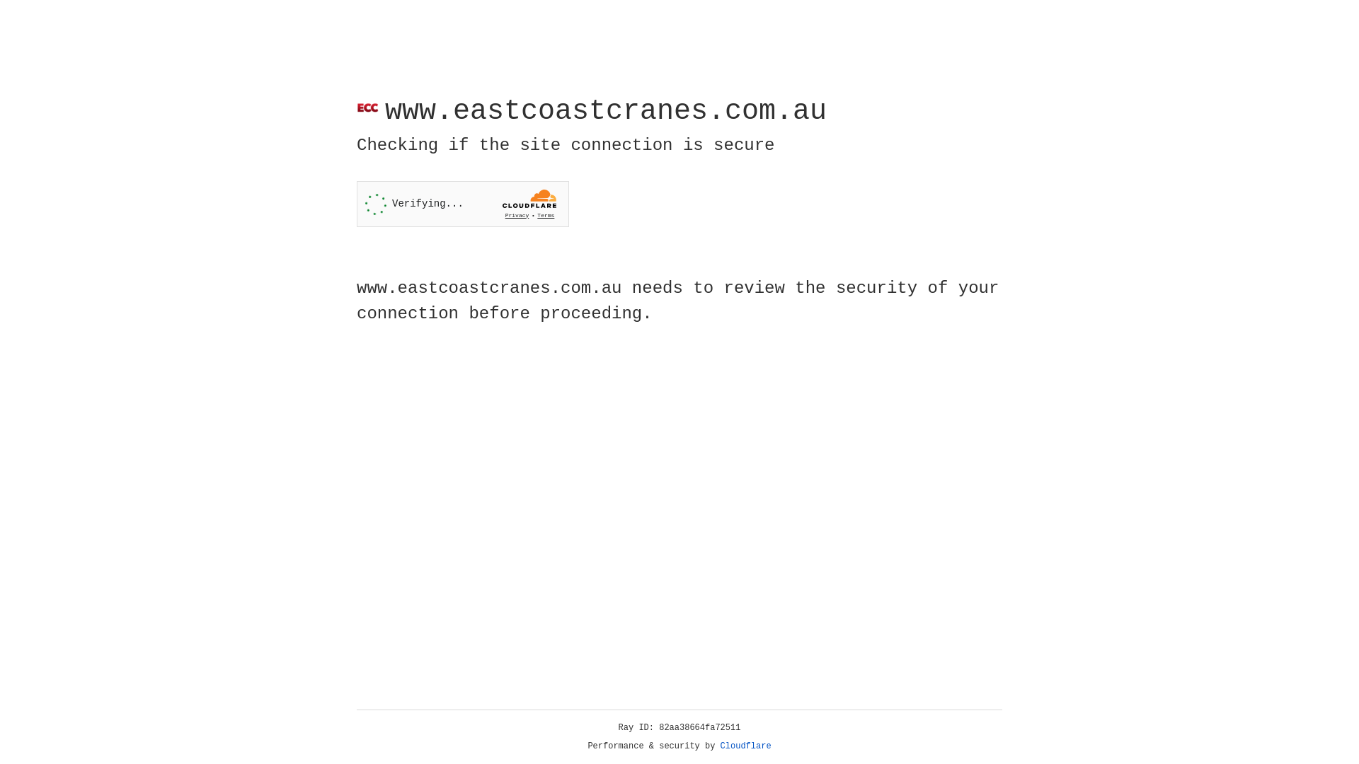 This screenshot has height=764, width=1359. What do you see at coordinates (745, 746) in the screenshot?
I see `'Cloudflare'` at bounding box center [745, 746].